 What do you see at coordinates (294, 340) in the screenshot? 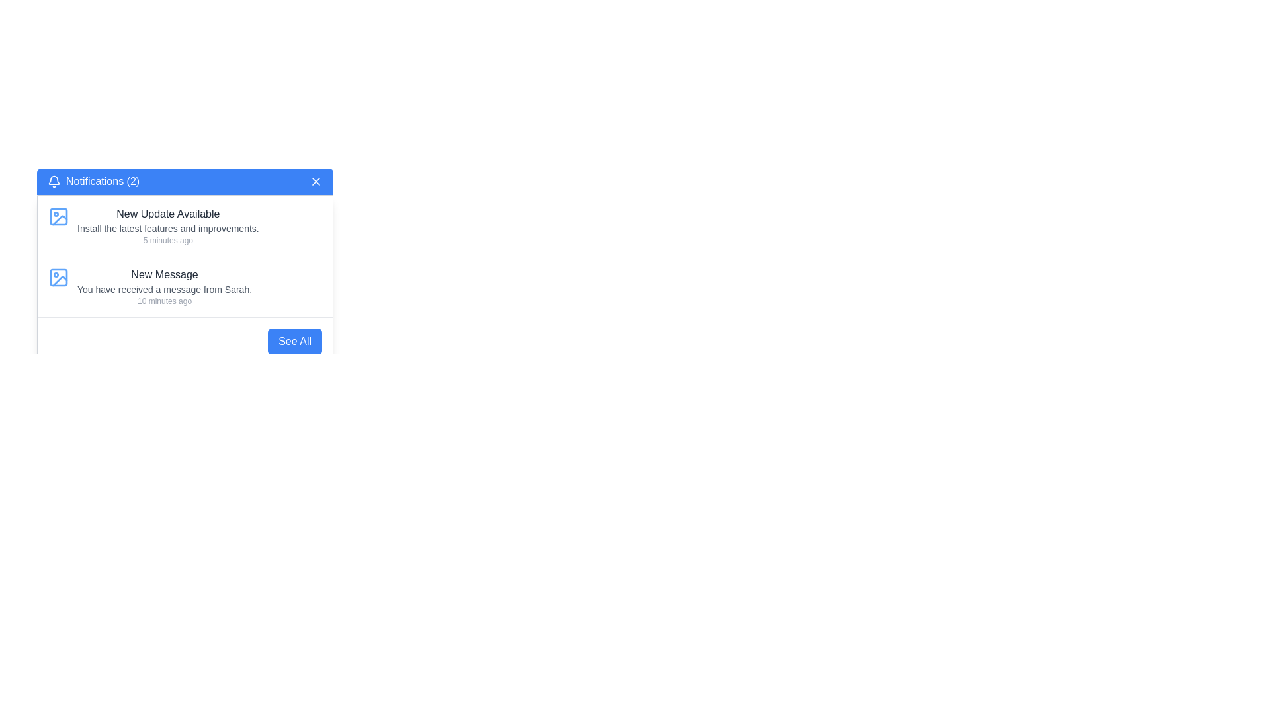
I see `the blue button with white text 'See All' located at the bottom-right corner of the 'Notifications (2)' card` at bounding box center [294, 340].